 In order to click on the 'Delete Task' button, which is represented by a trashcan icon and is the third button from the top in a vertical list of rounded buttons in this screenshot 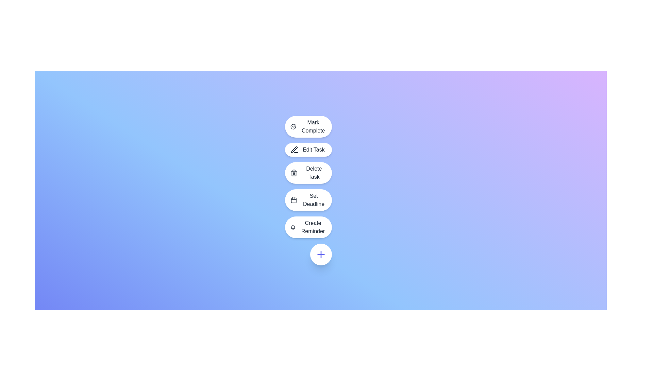, I will do `click(294, 173)`.